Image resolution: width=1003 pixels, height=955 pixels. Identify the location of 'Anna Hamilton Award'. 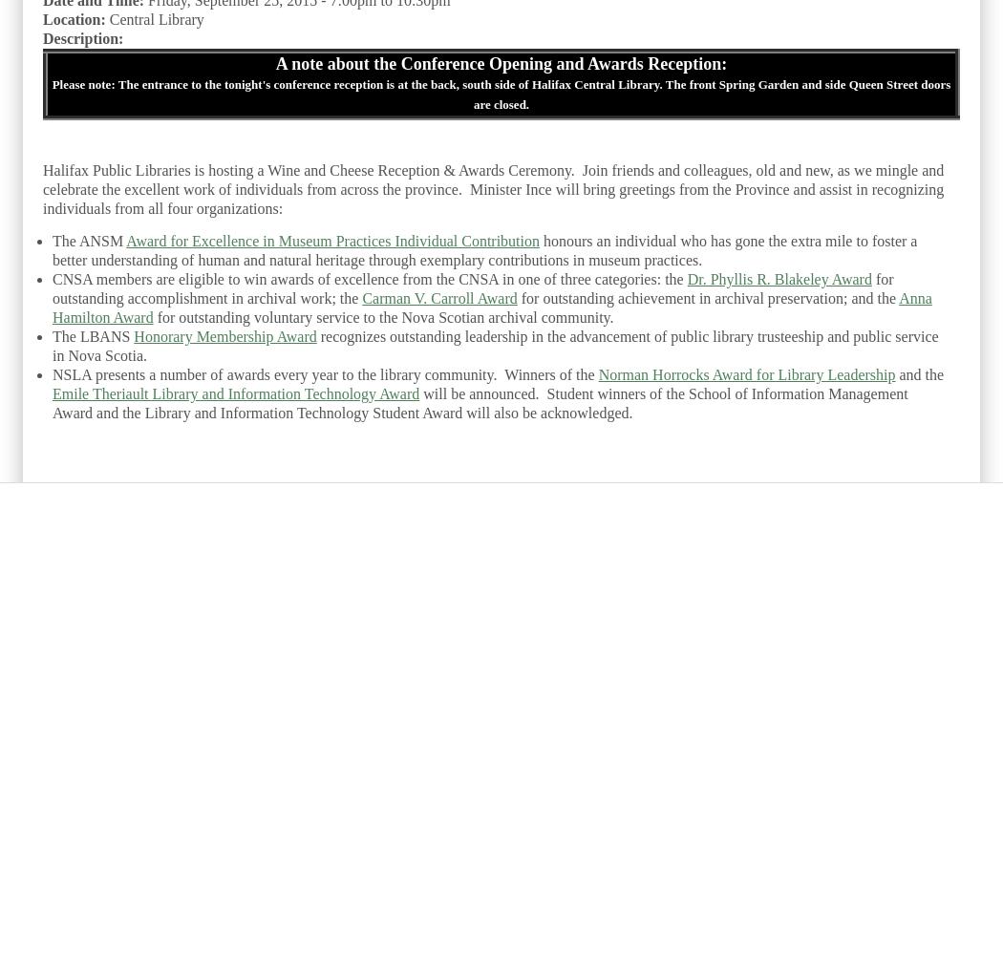
(491, 306).